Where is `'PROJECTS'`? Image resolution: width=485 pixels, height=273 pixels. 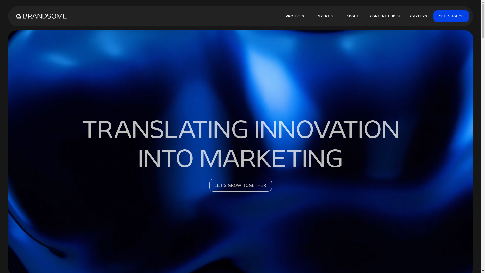 'PROJECTS' is located at coordinates (295, 16).